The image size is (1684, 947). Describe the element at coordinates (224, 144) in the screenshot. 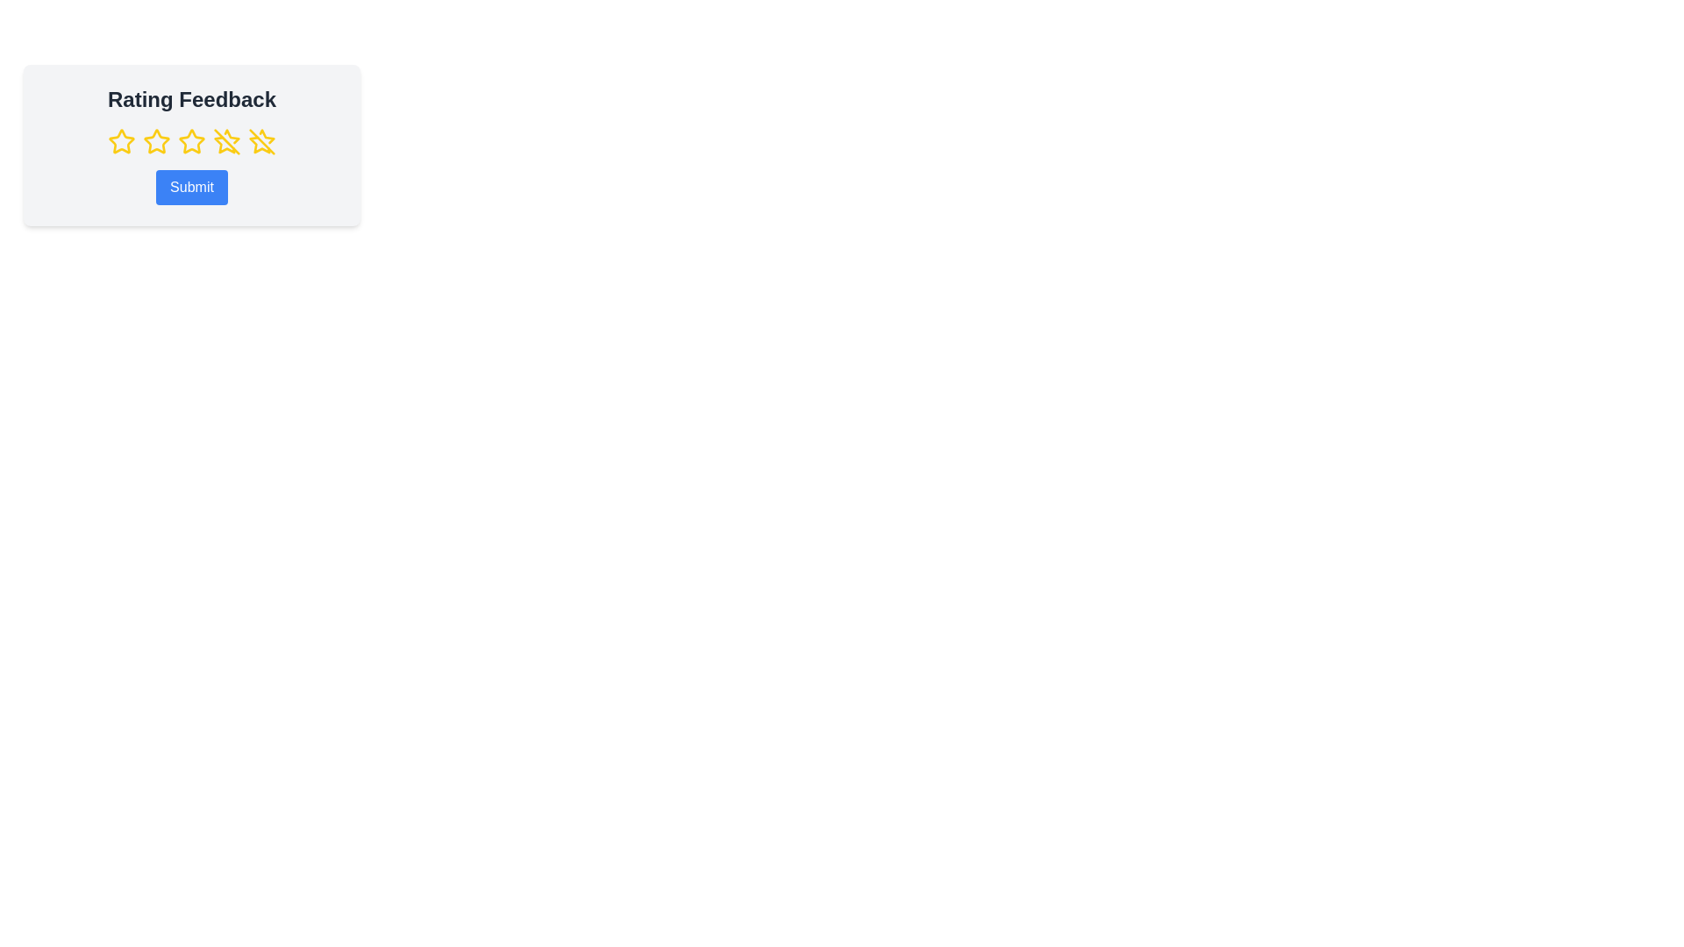

I see `the third star icon in the rating system` at that location.